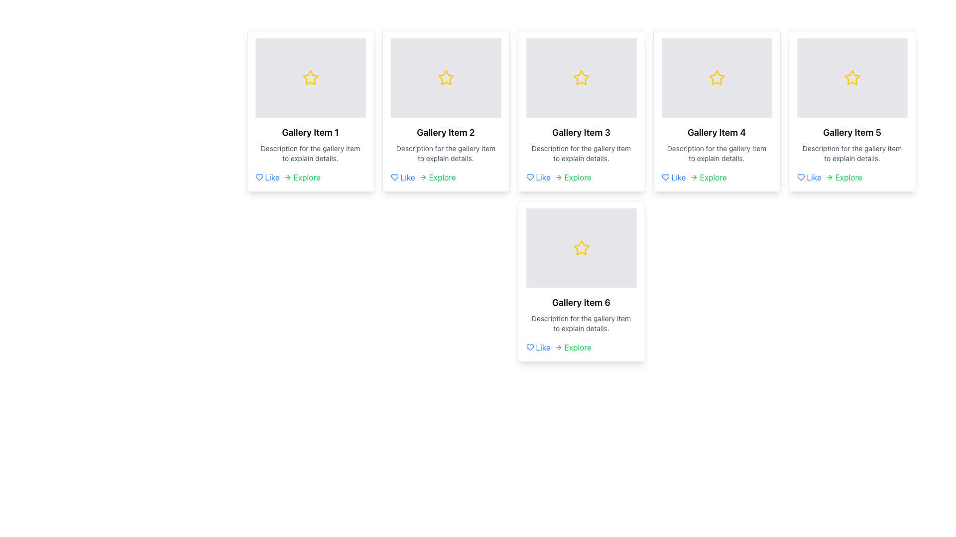 This screenshot has height=537, width=956. What do you see at coordinates (259, 177) in the screenshot?
I see `the heart icon` at bounding box center [259, 177].